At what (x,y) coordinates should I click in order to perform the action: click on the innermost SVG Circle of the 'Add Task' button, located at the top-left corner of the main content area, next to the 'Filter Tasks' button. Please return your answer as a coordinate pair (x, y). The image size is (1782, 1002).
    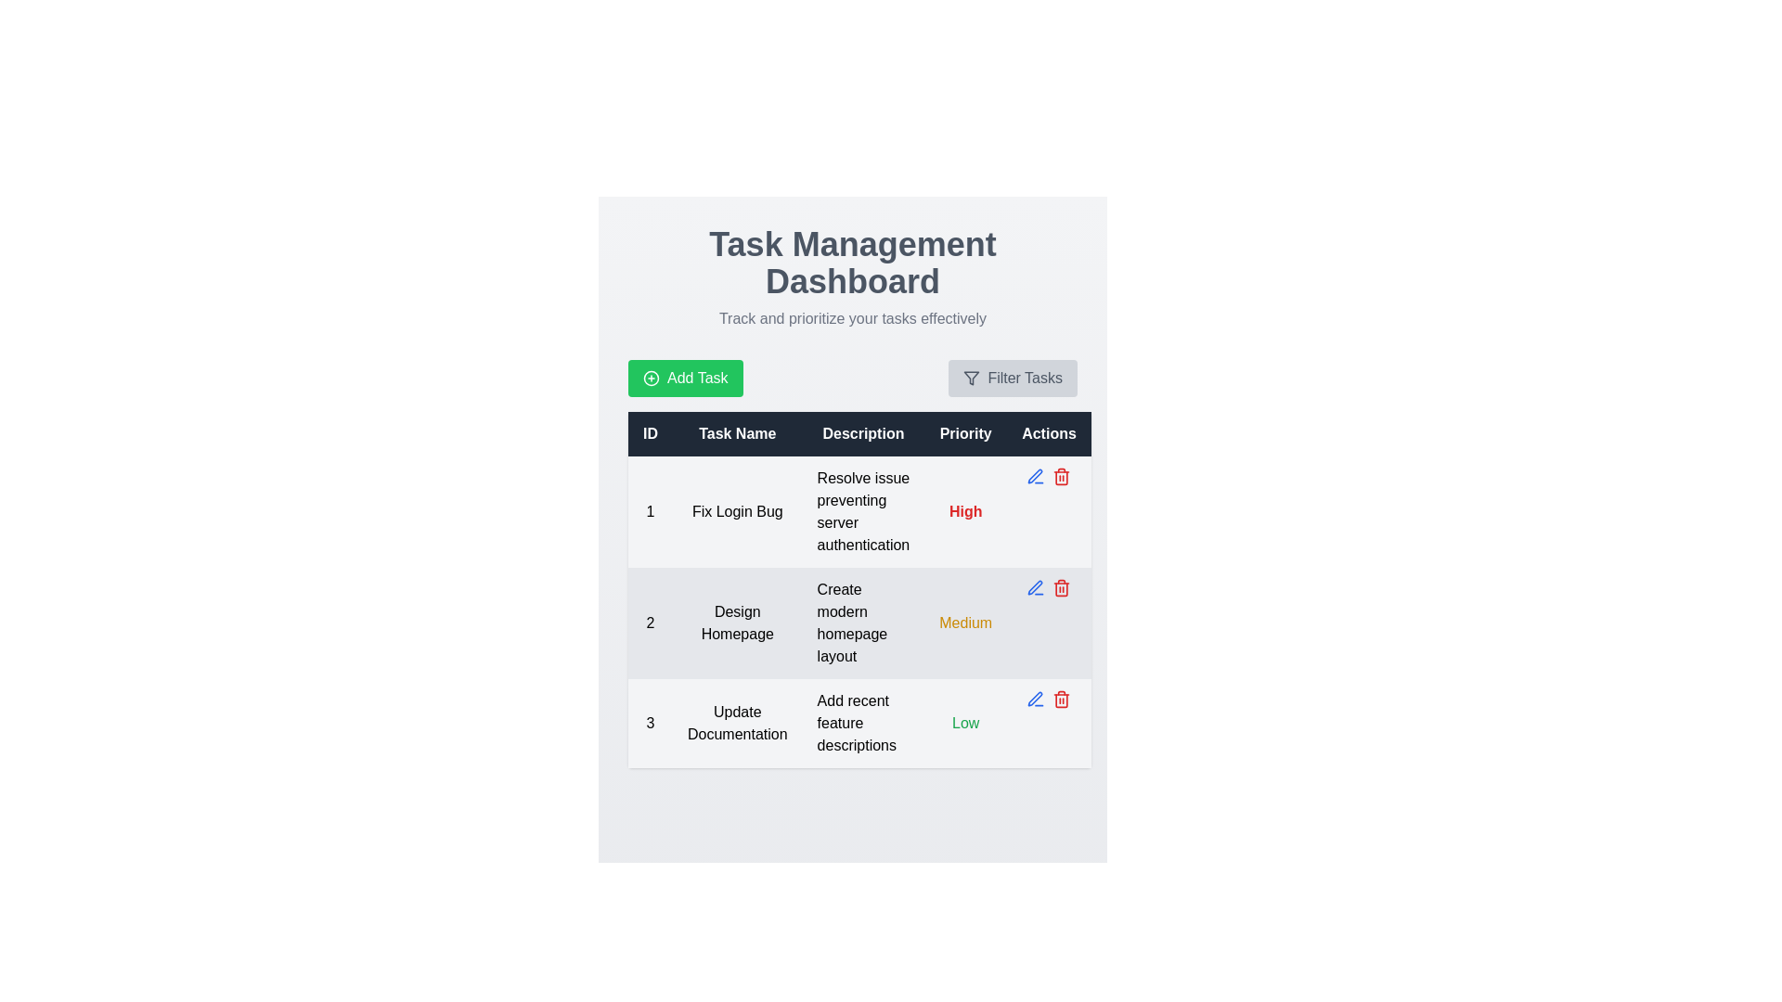
    Looking at the image, I should click on (651, 378).